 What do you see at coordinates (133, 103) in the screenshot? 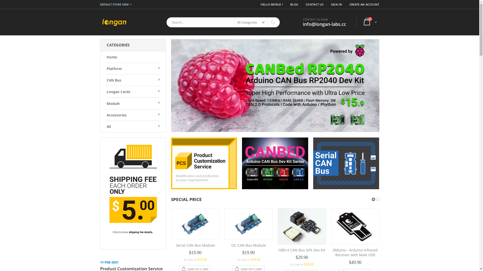
I see `'Module'` at bounding box center [133, 103].